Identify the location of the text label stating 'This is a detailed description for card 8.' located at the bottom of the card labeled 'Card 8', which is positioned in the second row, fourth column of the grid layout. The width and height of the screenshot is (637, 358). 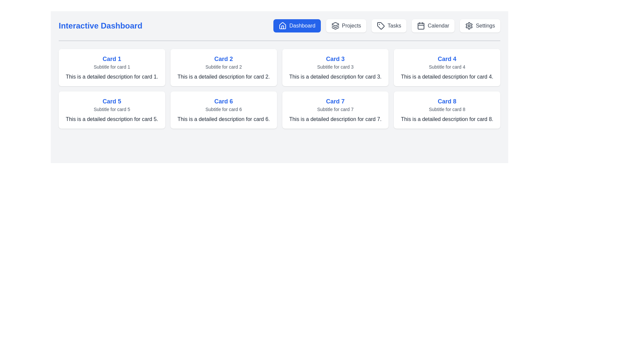
(447, 119).